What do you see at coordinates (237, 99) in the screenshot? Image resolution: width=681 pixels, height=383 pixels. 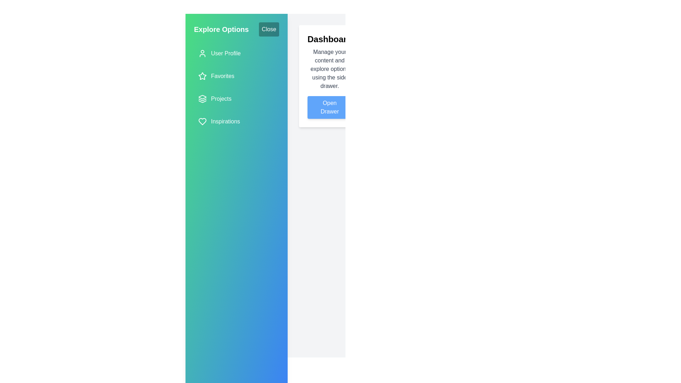 I see `the navigation item Projects from the drawer` at bounding box center [237, 99].